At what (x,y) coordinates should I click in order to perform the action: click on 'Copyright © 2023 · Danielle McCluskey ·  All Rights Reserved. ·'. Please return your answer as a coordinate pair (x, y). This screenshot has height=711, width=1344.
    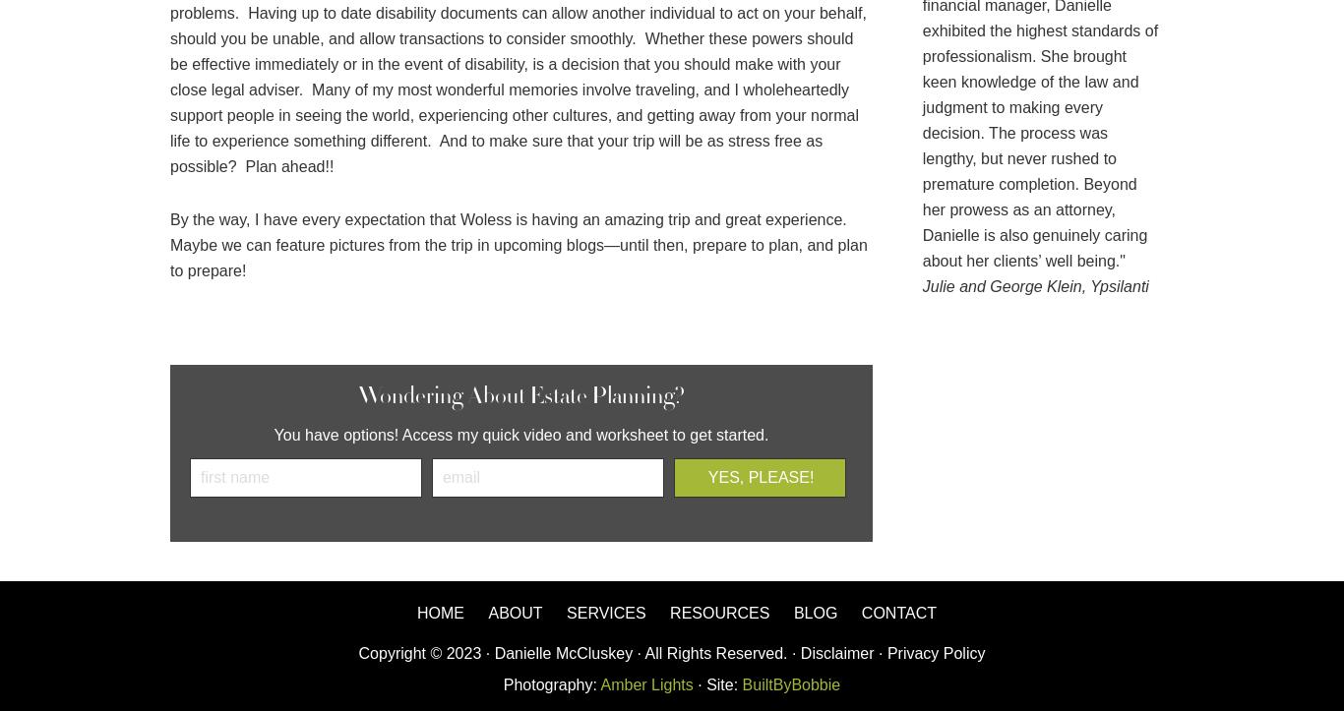
    Looking at the image, I should click on (578, 652).